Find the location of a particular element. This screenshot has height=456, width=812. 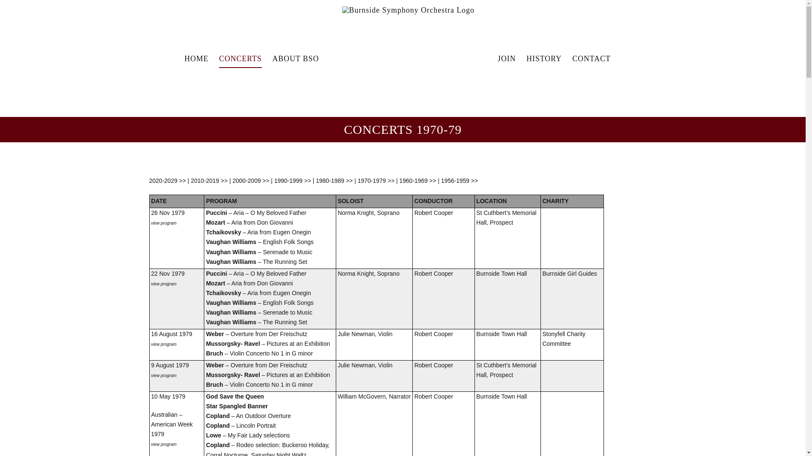

'1956-1959 >>' is located at coordinates (459, 180).